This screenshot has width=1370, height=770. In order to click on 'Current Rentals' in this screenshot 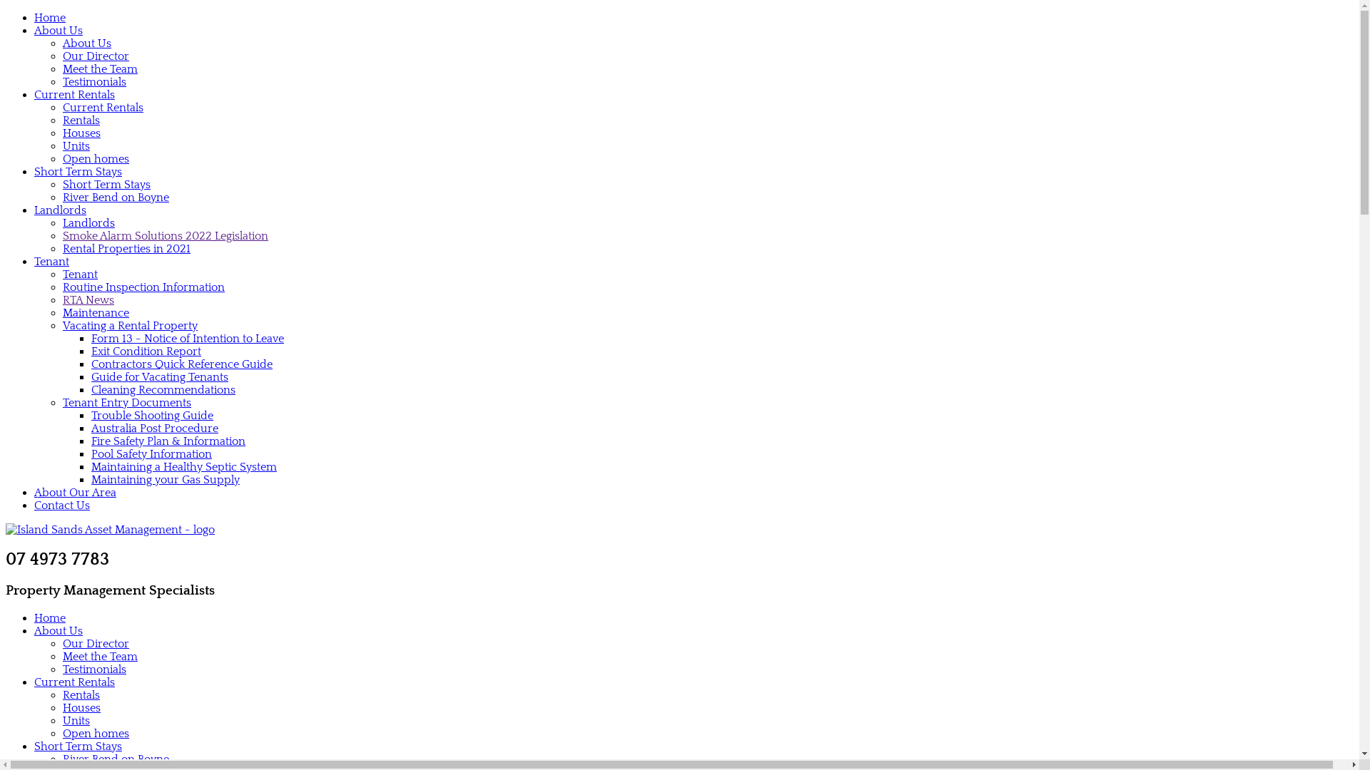, I will do `click(73, 681)`.